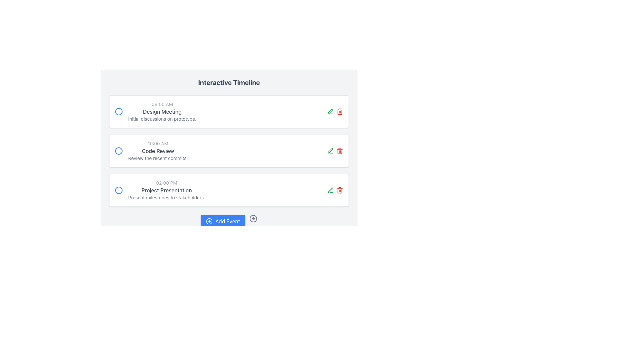  Describe the element at coordinates (119, 111) in the screenshot. I see `the icon that serves as a marker for the 'Design Meeting' event in the Interactive Timeline` at that location.